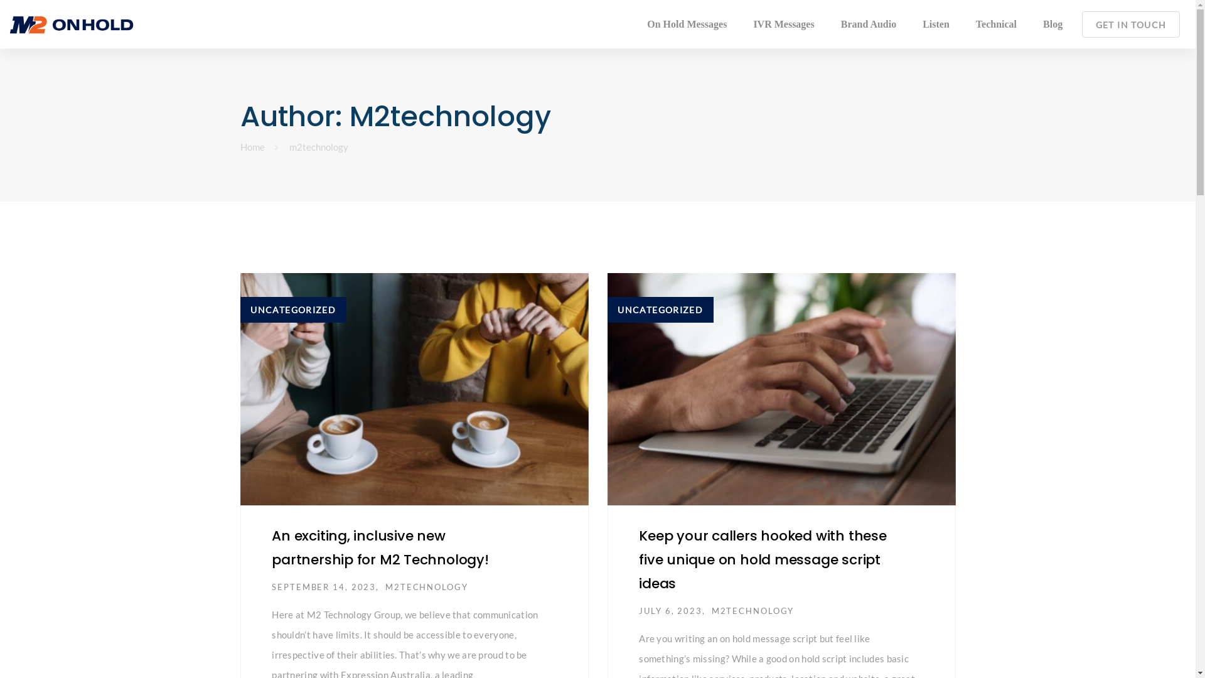  What do you see at coordinates (379, 547) in the screenshot?
I see `'An exciting, inclusive new partnership for M2 Technology!'` at bounding box center [379, 547].